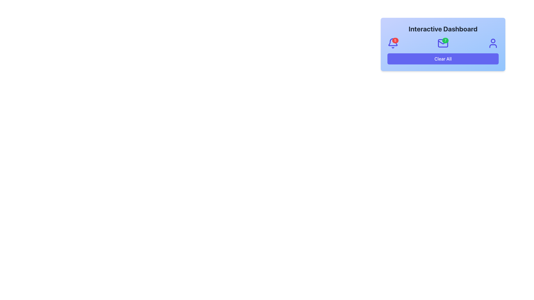 This screenshot has width=534, height=300. I want to click on number '5' displayed on the red circular Notification Badge located at the top-right corner of the bell icon, so click(392, 43).